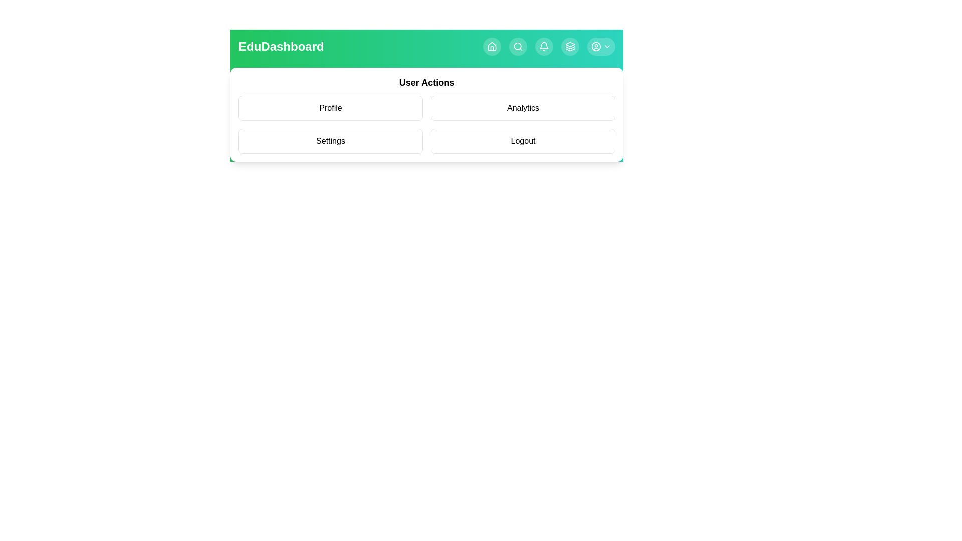 The image size is (962, 541). What do you see at coordinates (331, 108) in the screenshot?
I see `the user action item Profile from the menu` at bounding box center [331, 108].